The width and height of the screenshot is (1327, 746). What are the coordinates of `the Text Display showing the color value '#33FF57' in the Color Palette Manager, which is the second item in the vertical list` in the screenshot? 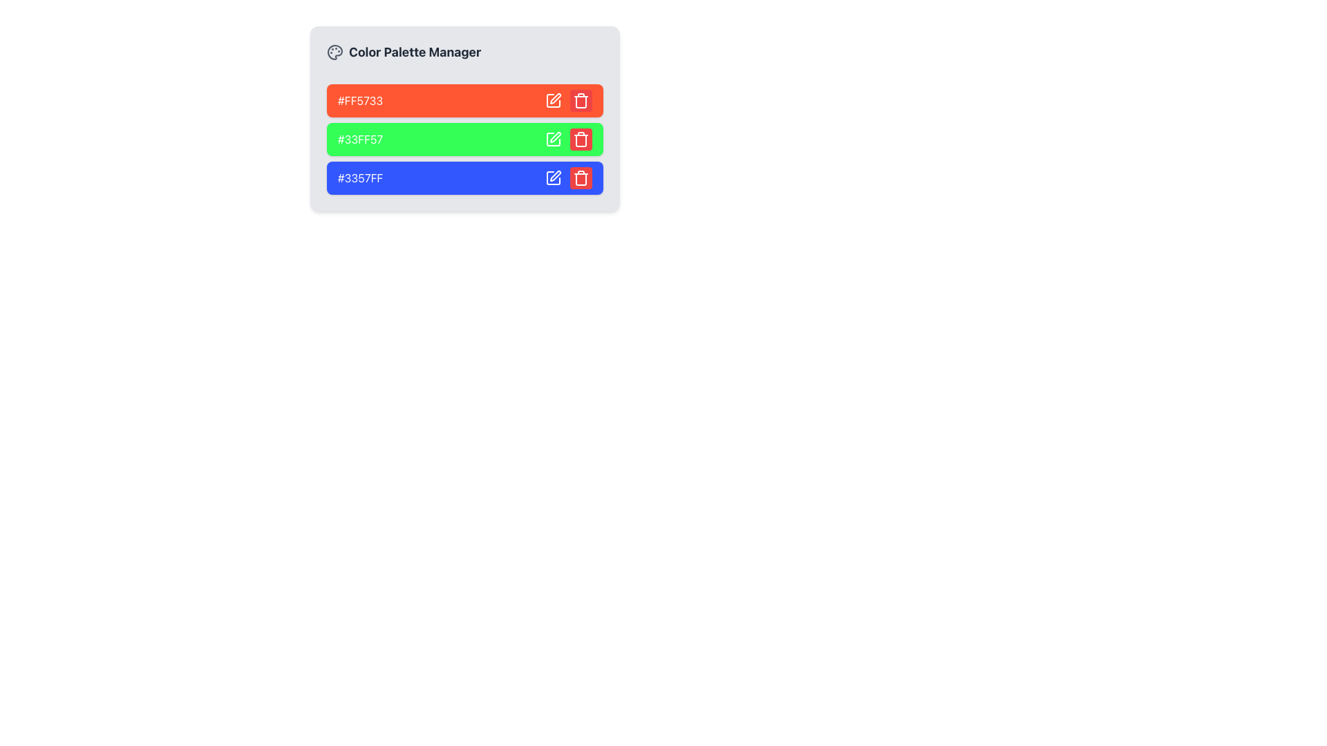 It's located at (360, 139).